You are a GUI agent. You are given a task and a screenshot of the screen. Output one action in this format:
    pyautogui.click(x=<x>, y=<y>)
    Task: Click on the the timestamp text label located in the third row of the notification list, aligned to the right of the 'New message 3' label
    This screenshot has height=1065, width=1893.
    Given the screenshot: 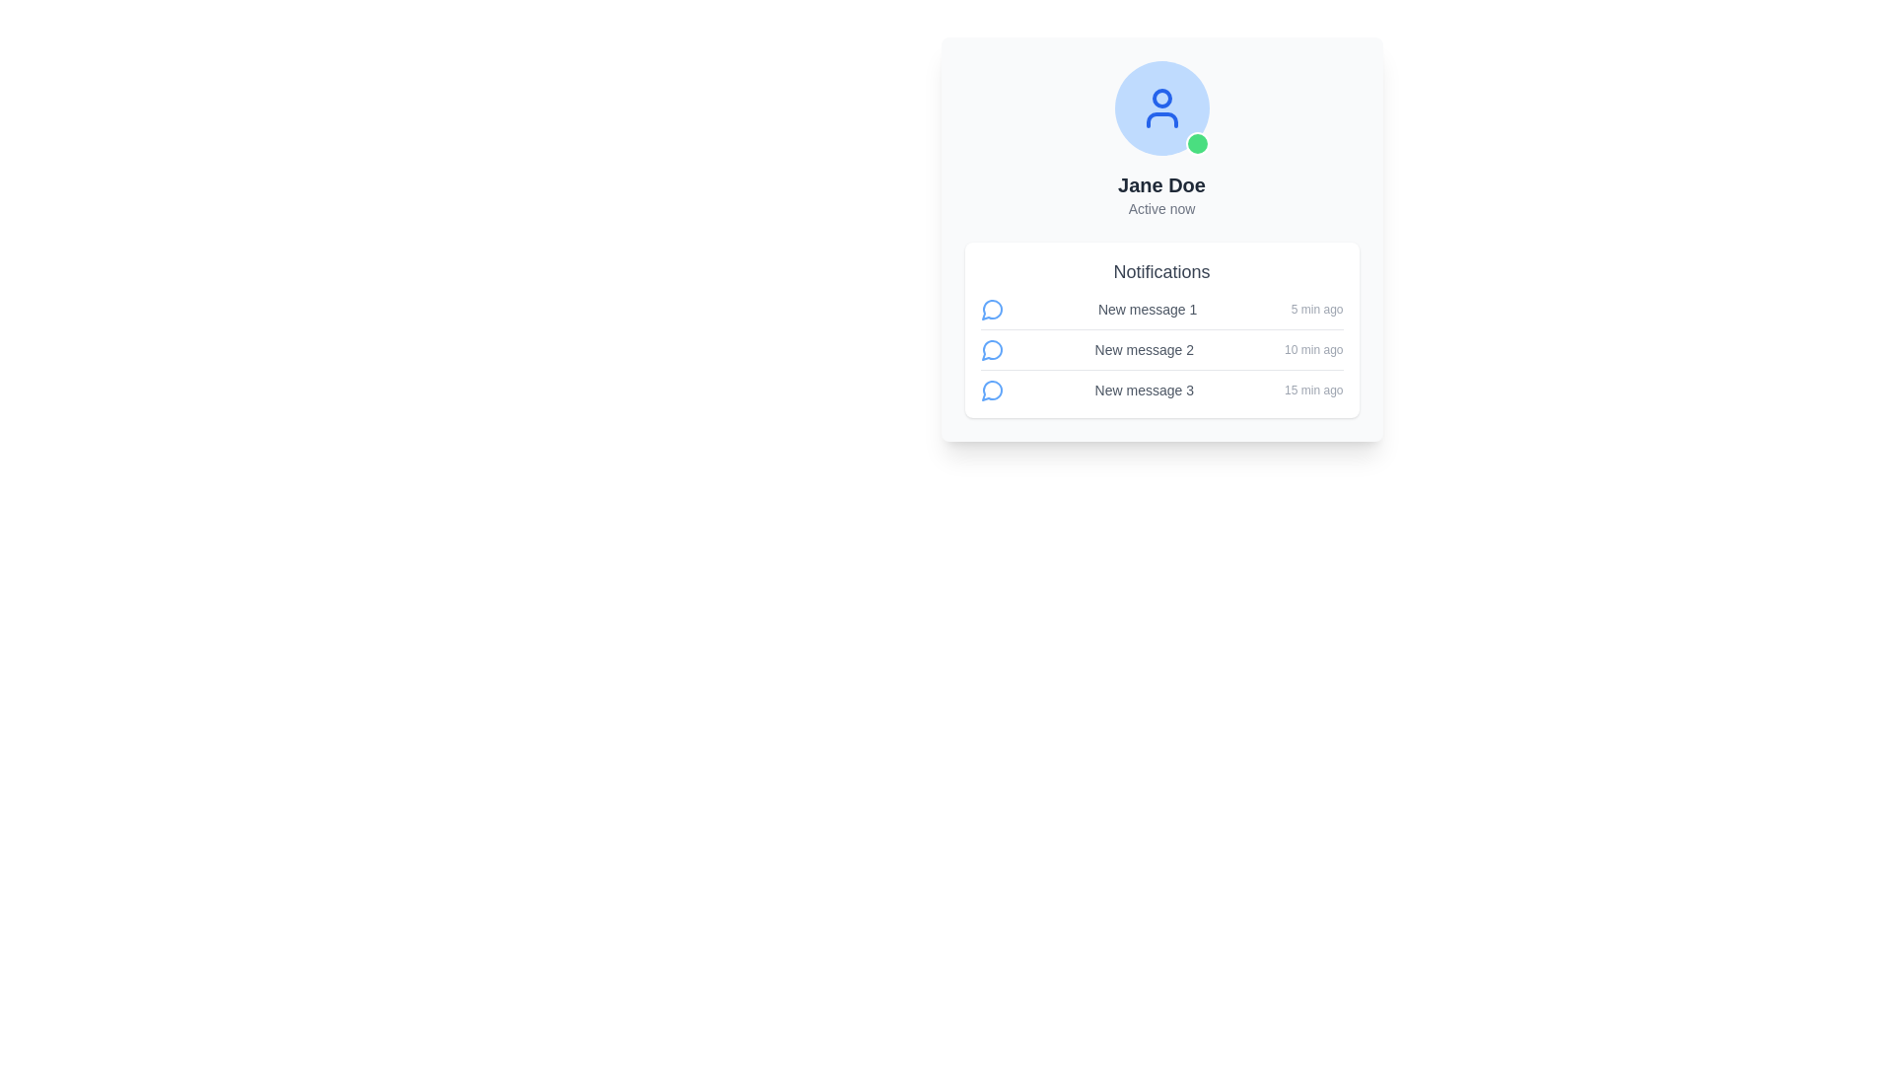 What is the action you would take?
    pyautogui.click(x=1313, y=390)
    